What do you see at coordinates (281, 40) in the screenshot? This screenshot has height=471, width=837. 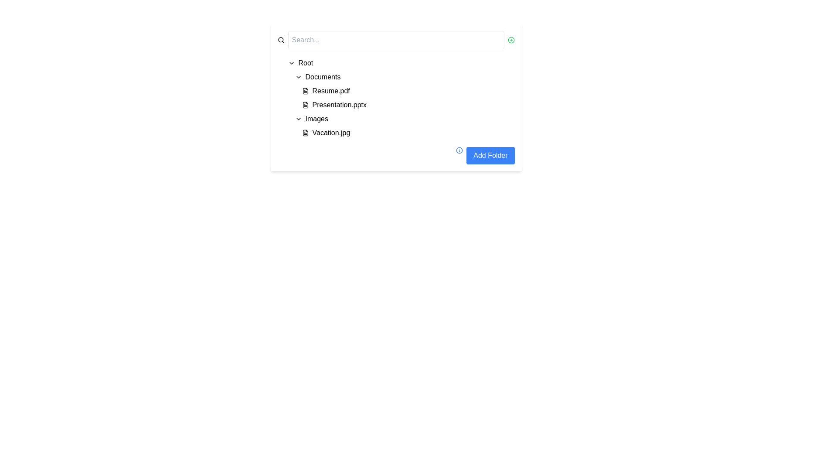 I see `the magnifying glass icon, which is located at the leftmost end of a horizontal grouping that includes a search input field and an add folder button` at bounding box center [281, 40].